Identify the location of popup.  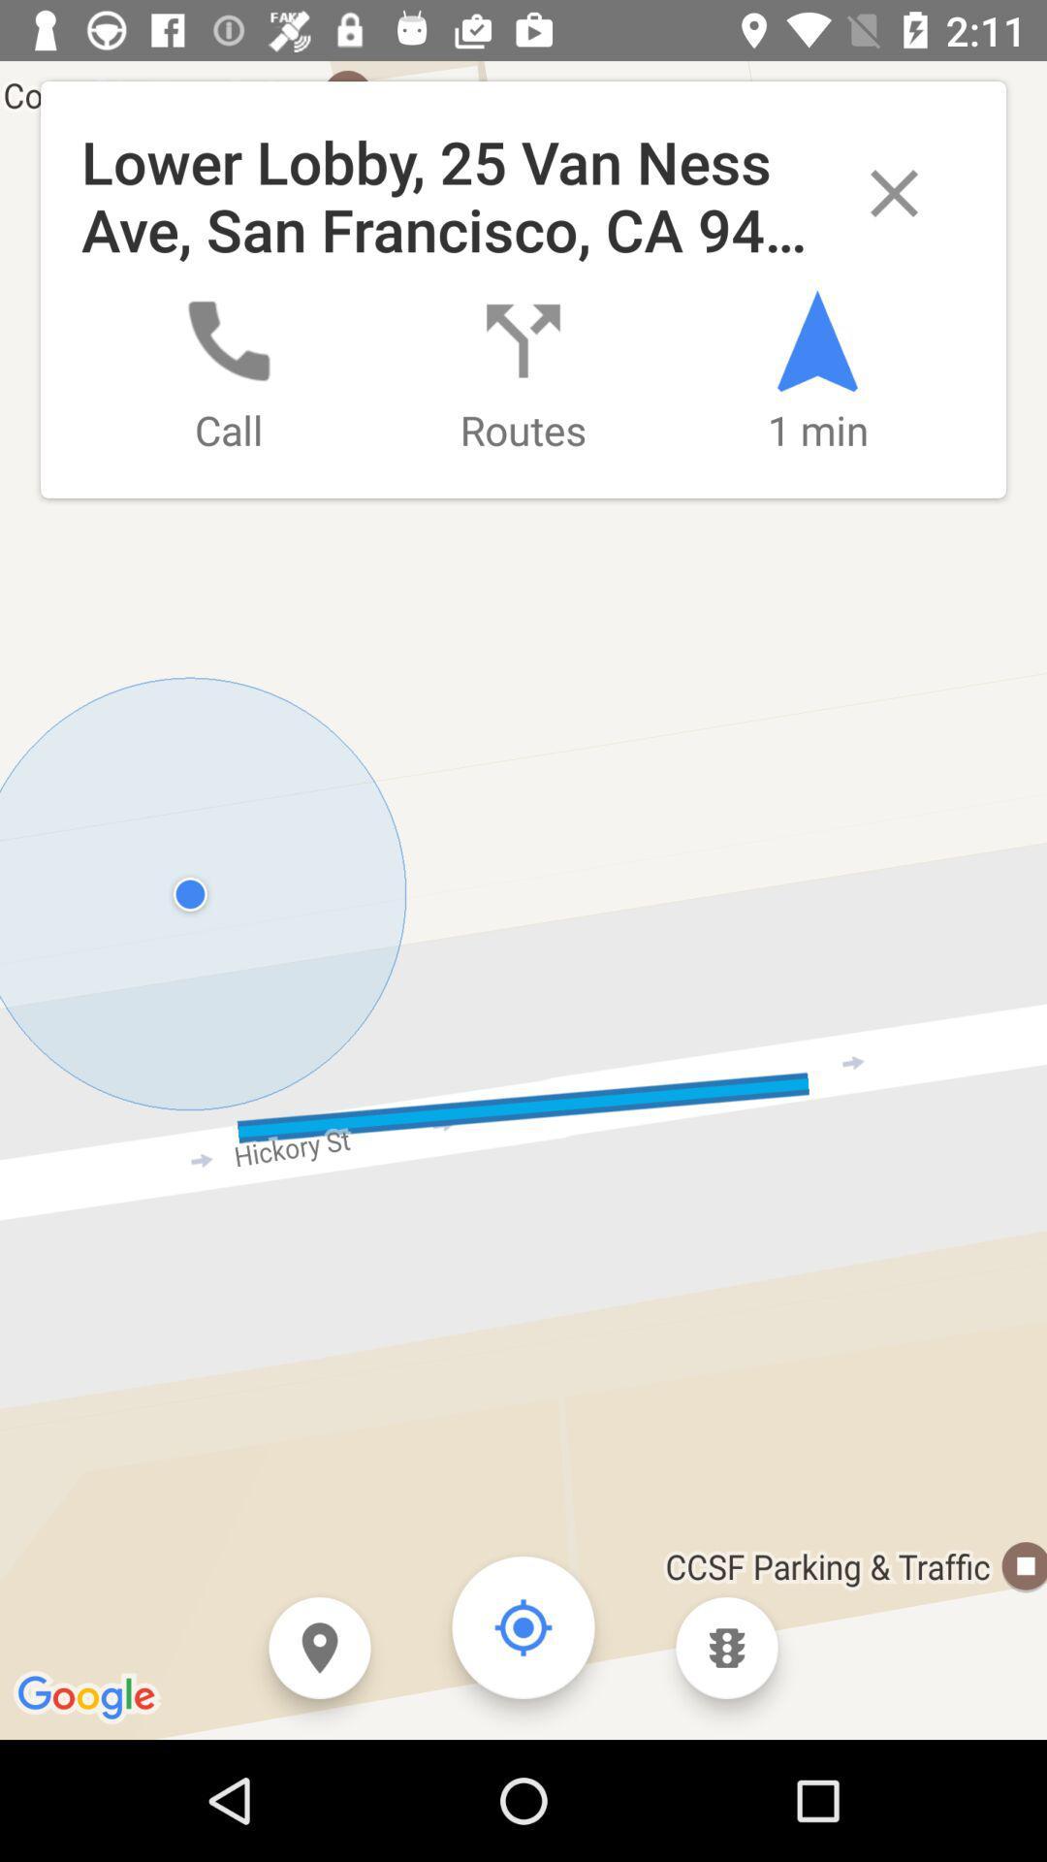
(894, 193).